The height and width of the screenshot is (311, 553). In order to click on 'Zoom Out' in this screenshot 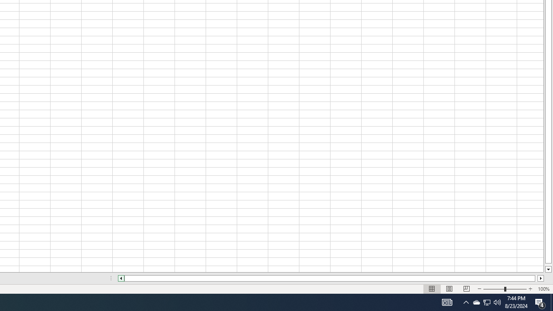, I will do `click(494, 289)`.